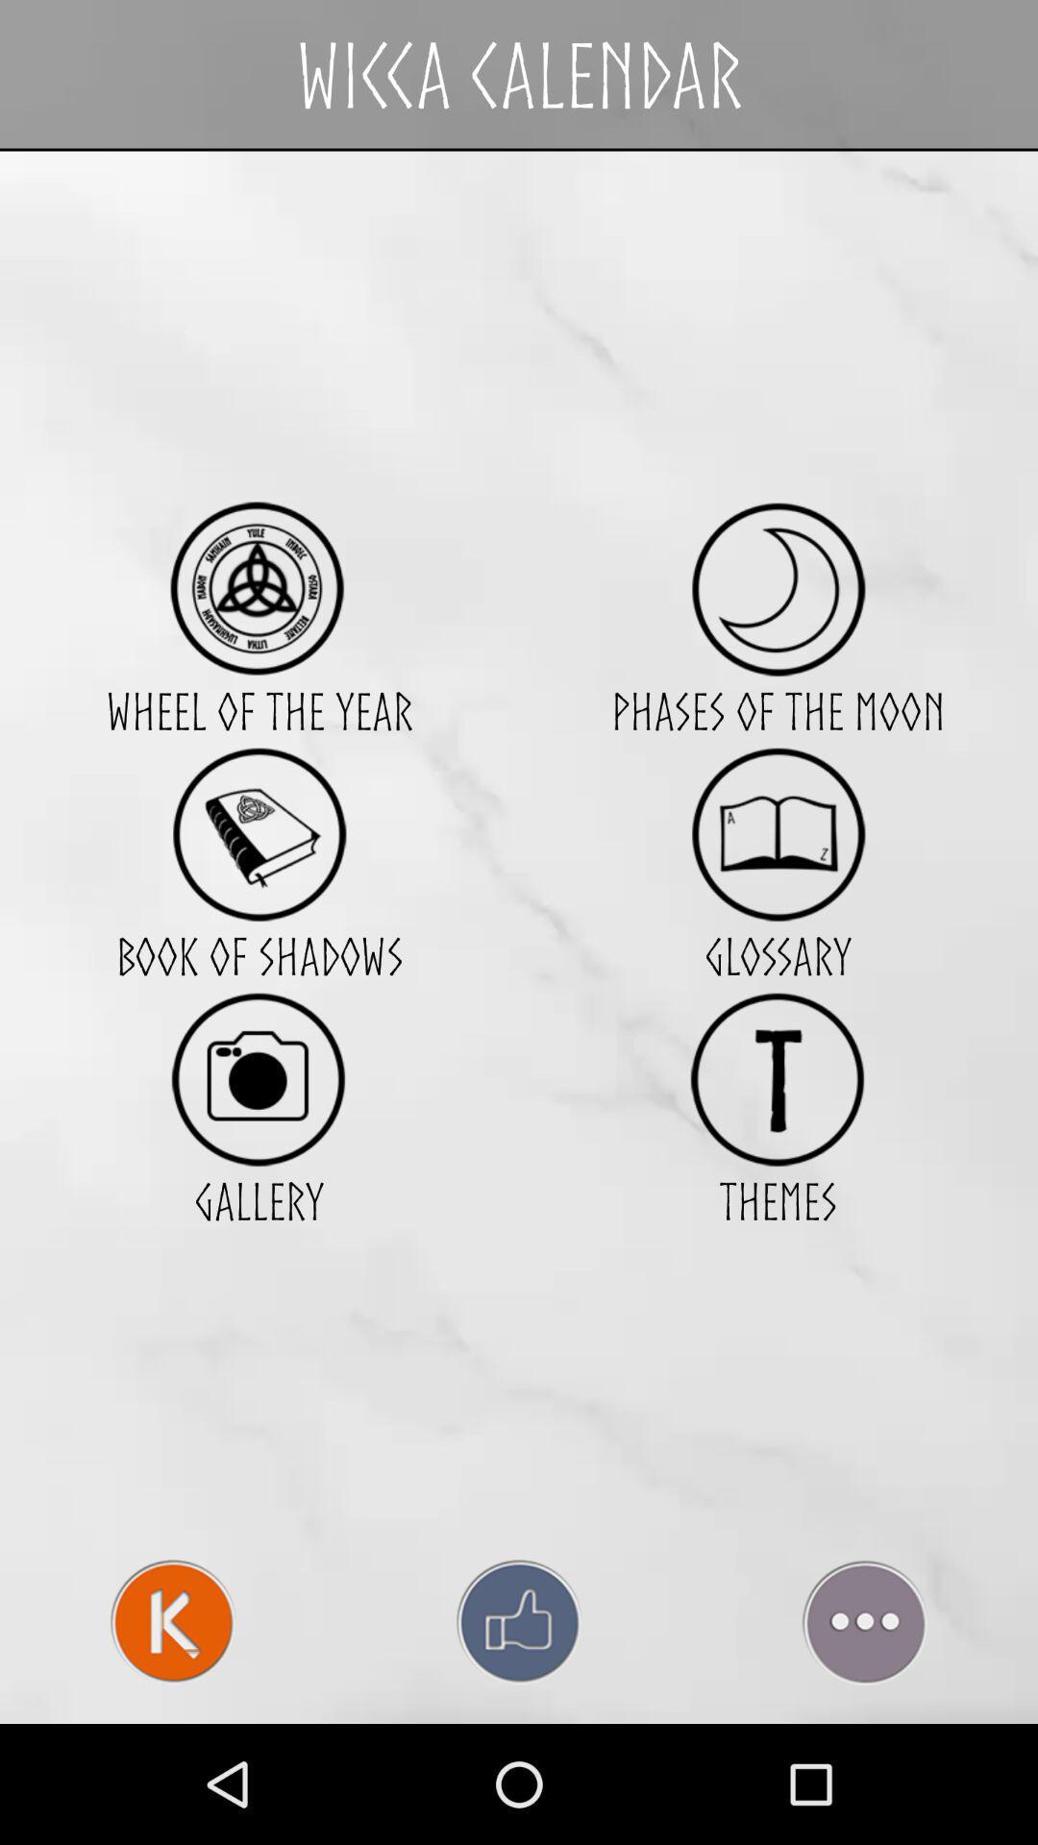  Describe the element at coordinates (777, 834) in the screenshot. I see `item below phases of the` at that location.